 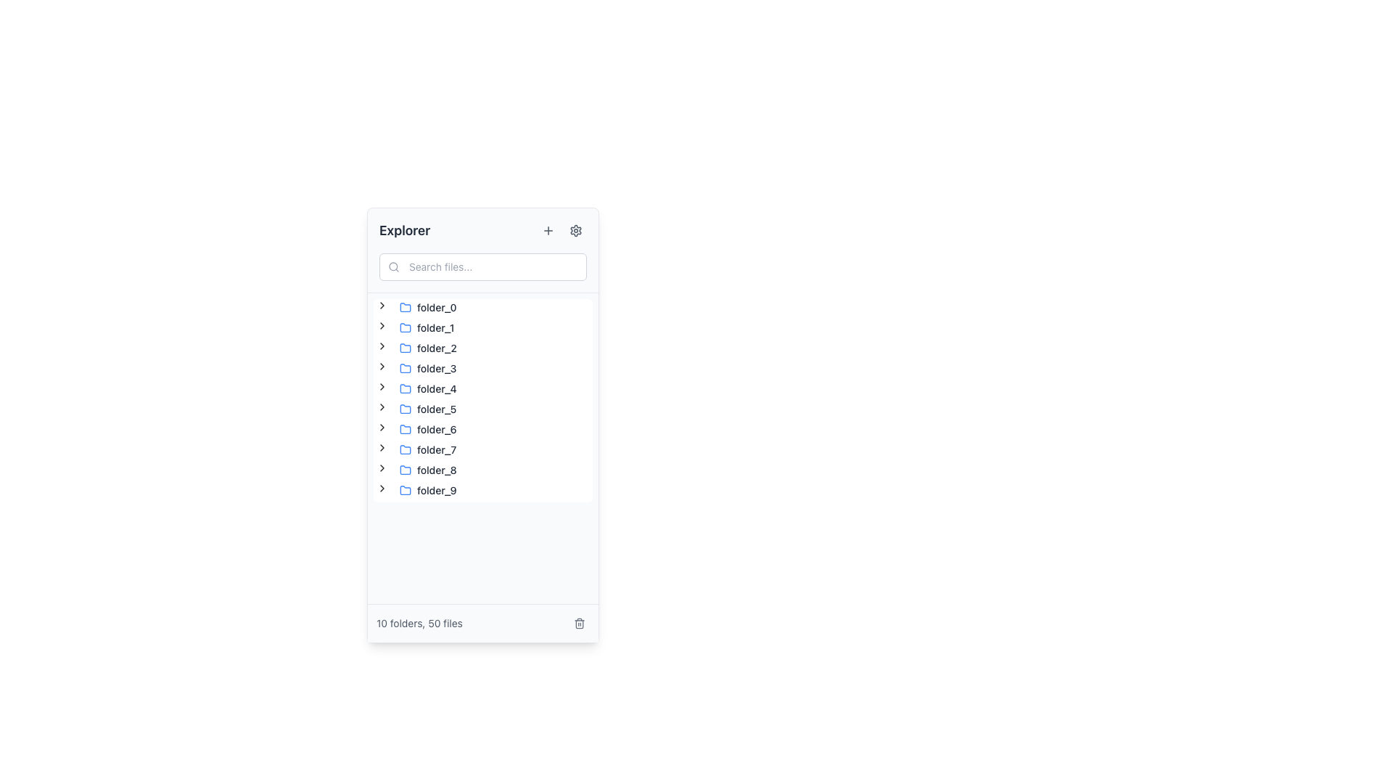 What do you see at coordinates (436, 490) in the screenshot?
I see `the text label displaying 'folder_9'` at bounding box center [436, 490].